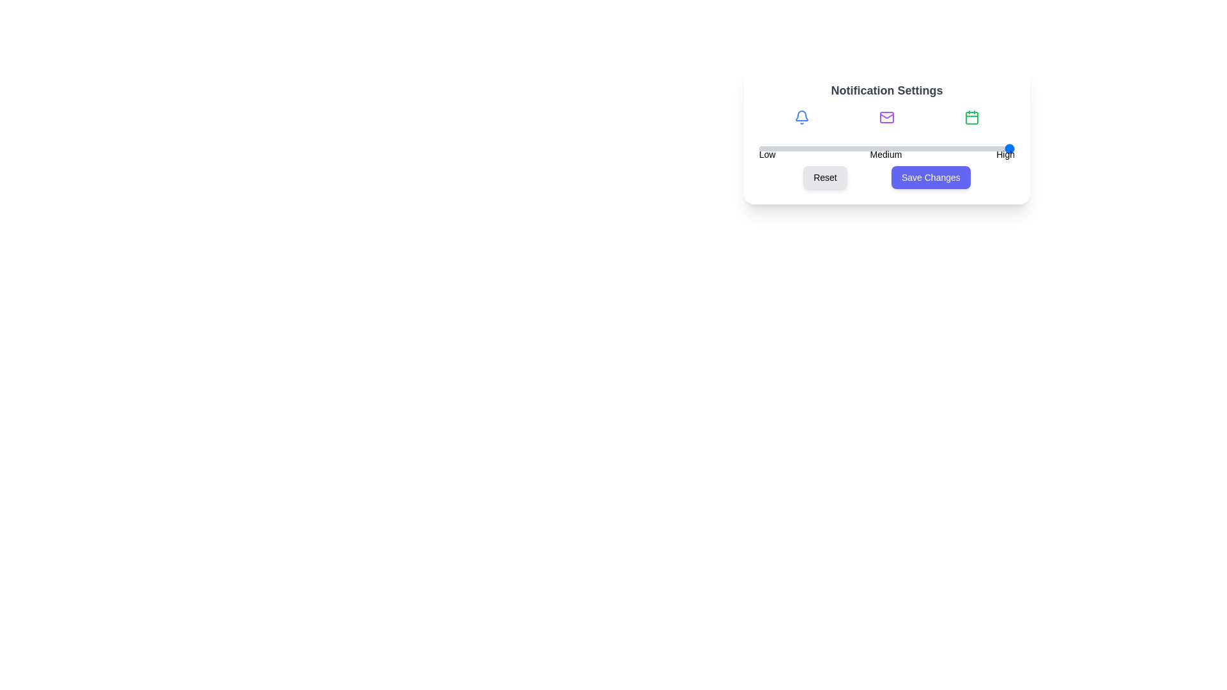  I want to click on the Bell icon to view its details, so click(801, 118).